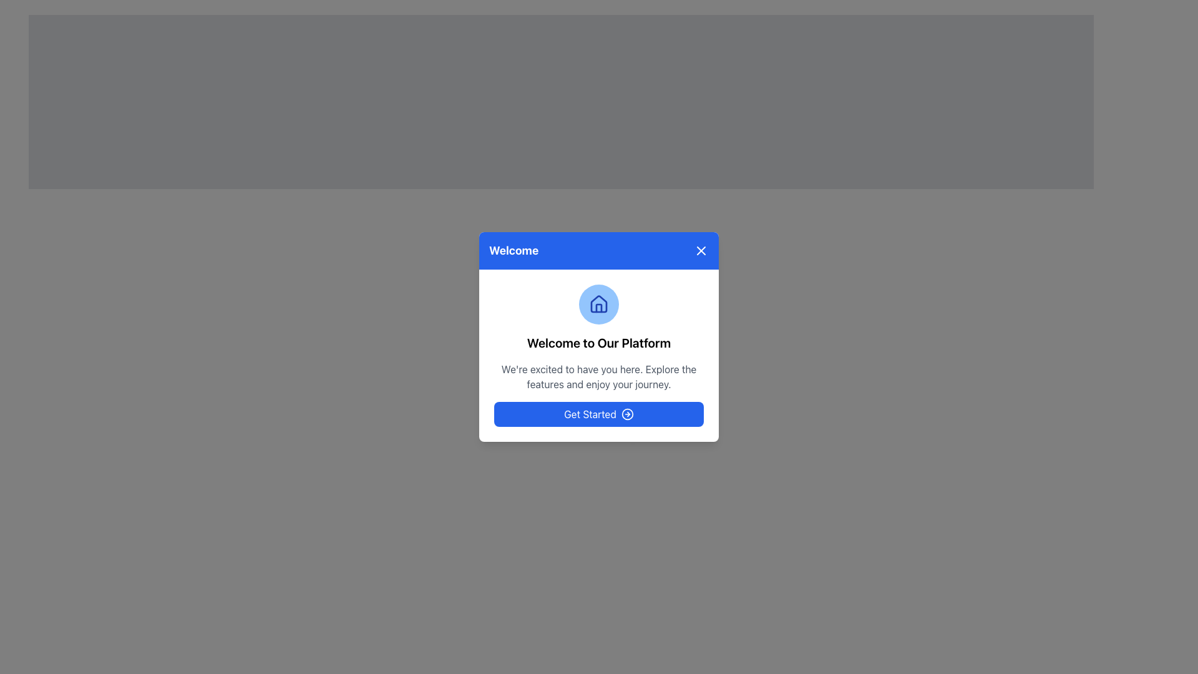  I want to click on the text block that reads "We're excited to have you here. Explore the features and enjoy your journey." which is located below the heading "Welcome to Our Platform", so click(599, 376).